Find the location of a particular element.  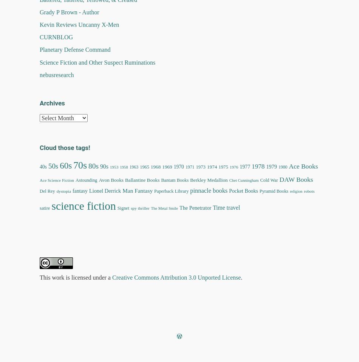

'nebusresearch' is located at coordinates (57, 74).